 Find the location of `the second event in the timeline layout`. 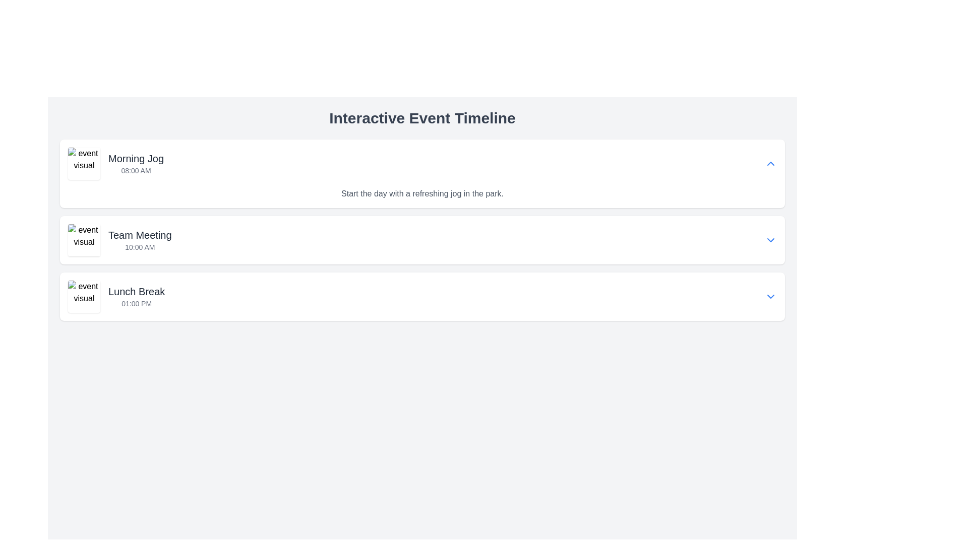

the second event in the timeline layout is located at coordinates (139, 240).